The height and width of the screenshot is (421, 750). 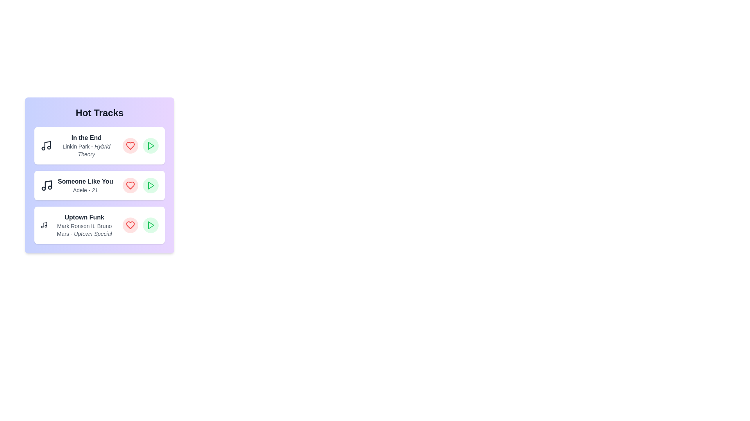 I want to click on the track titled 'In the End' to highlight it, so click(x=99, y=146).